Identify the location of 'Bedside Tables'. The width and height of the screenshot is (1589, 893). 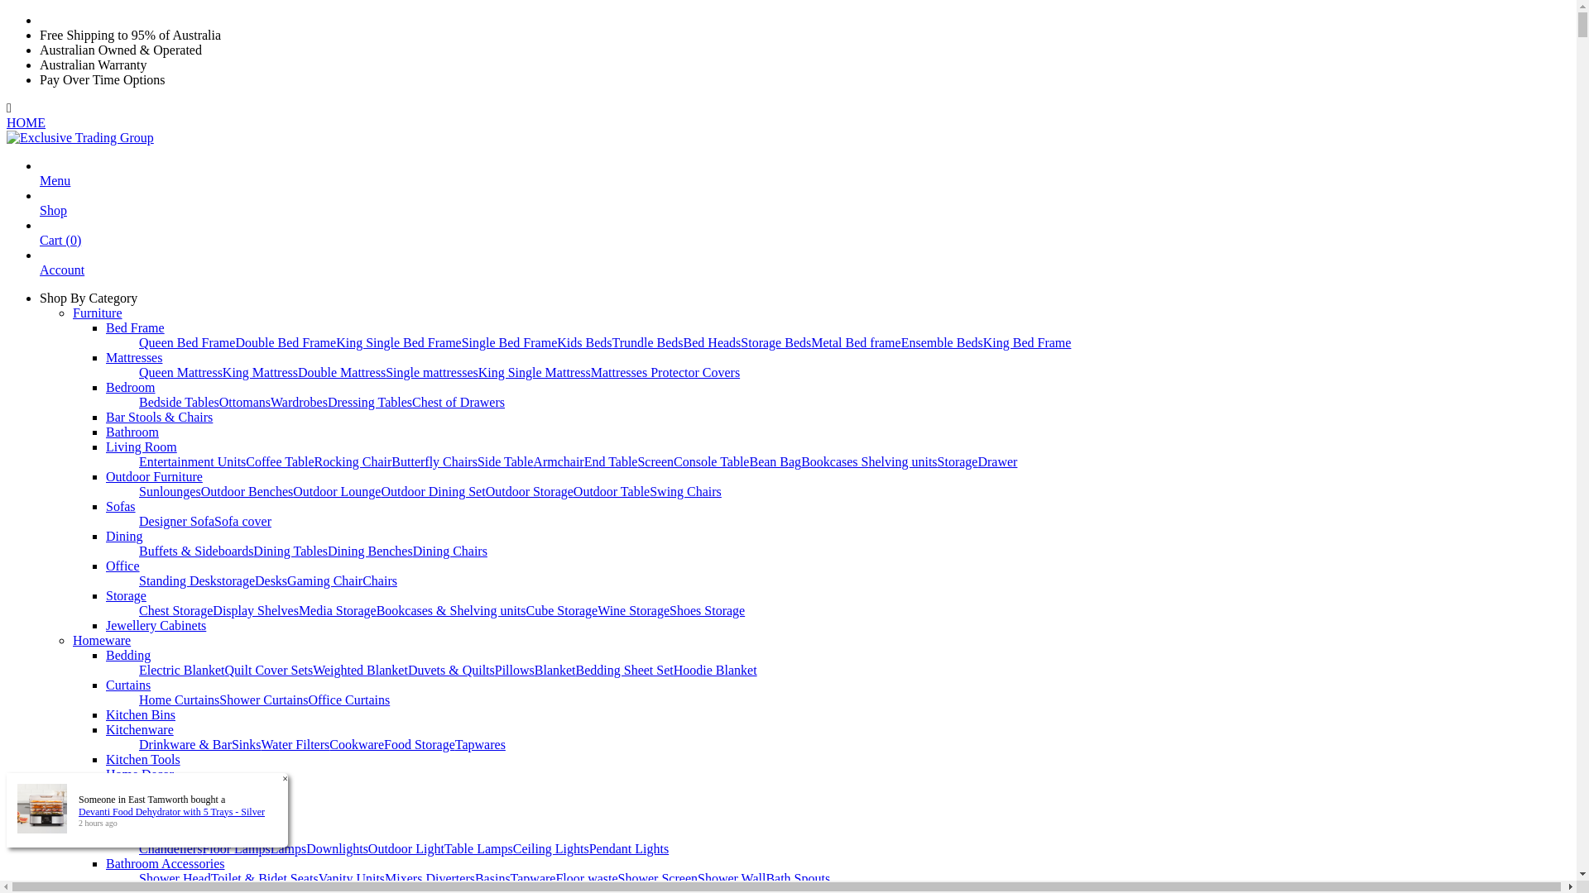
(179, 402).